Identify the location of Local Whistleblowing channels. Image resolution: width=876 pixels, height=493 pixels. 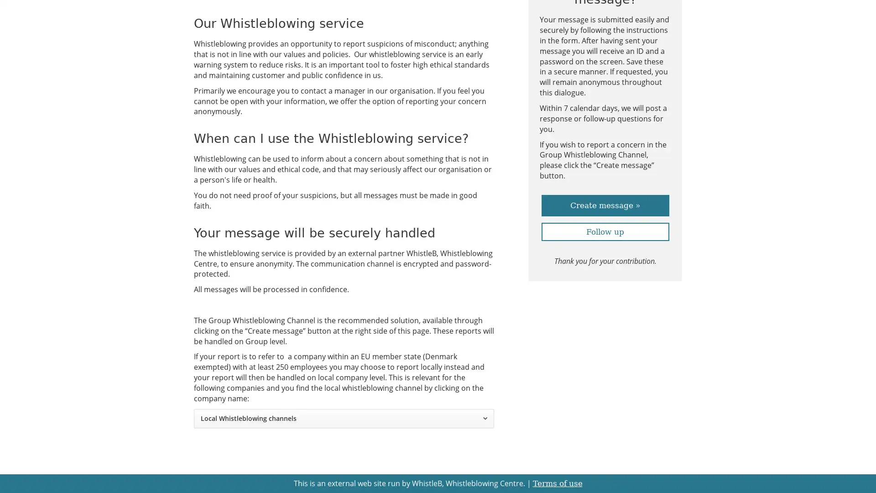
(343, 418).